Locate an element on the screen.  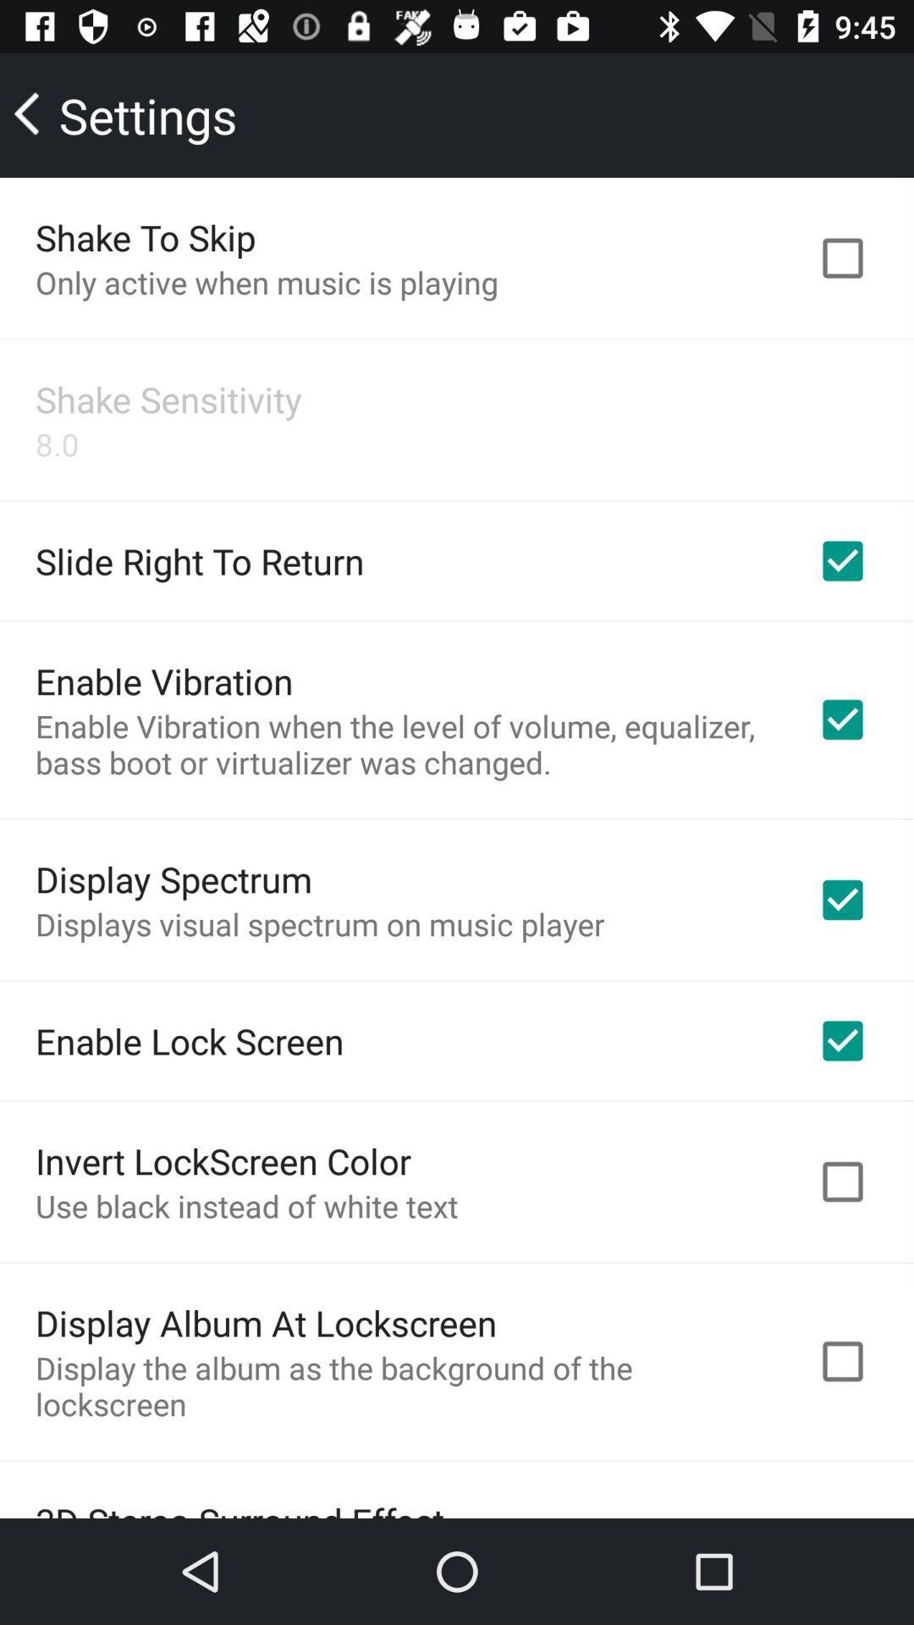
icon below enable vibration when icon is located at coordinates (173, 879).